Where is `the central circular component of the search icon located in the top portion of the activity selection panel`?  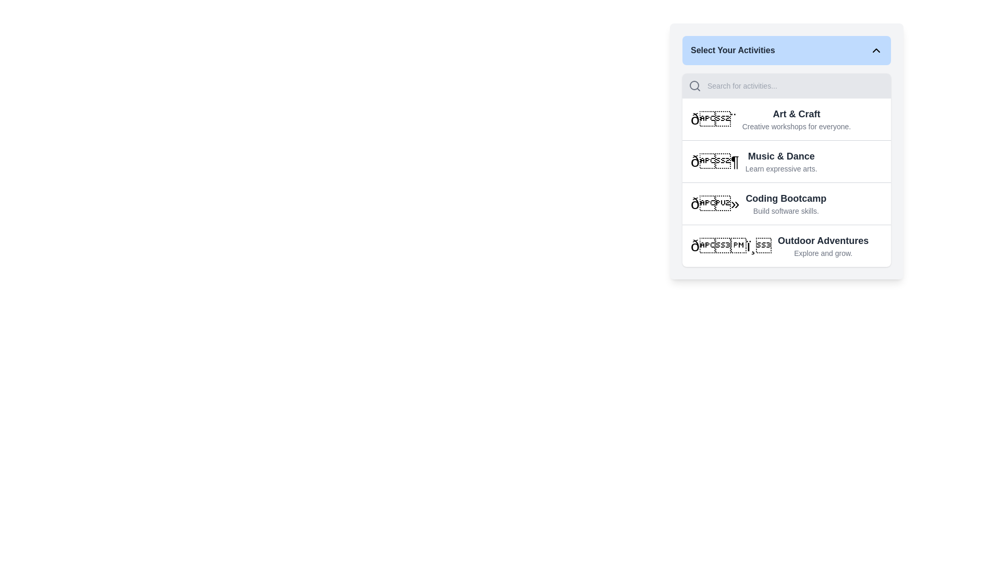 the central circular component of the search icon located in the top portion of the activity selection panel is located at coordinates (694, 85).